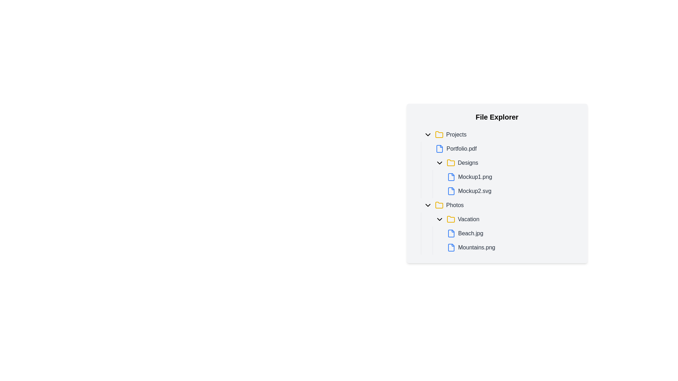  What do you see at coordinates (511, 176) in the screenshot?
I see `the 'Mockup1.png' file entry in the file explorer` at bounding box center [511, 176].